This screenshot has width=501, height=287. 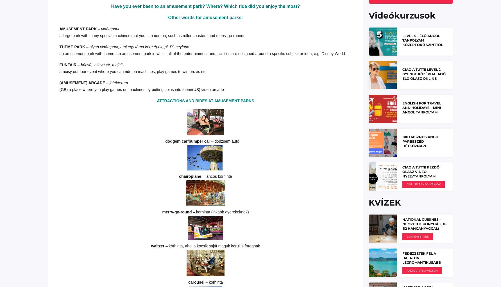 What do you see at coordinates (191, 176) in the screenshot?
I see `'chairoplane'` at bounding box center [191, 176].